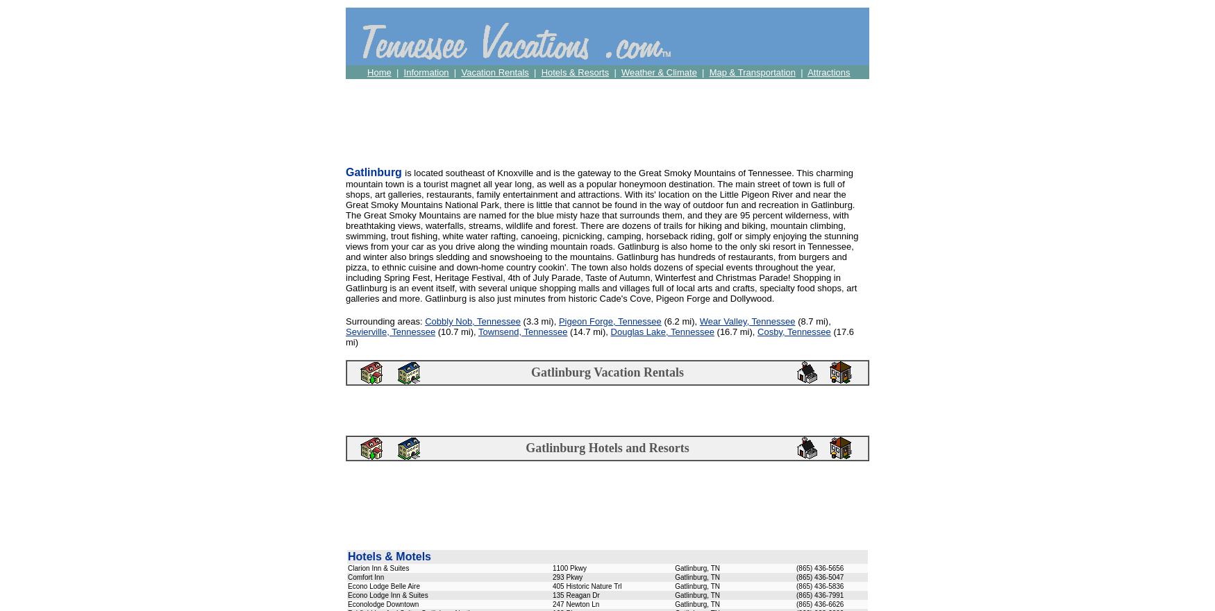 The width and height of the screenshot is (1215, 611). What do you see at coordinates (374, 172) in the screenshot?
I see `'Gatlinburg'` at bounding box center [374, 172].